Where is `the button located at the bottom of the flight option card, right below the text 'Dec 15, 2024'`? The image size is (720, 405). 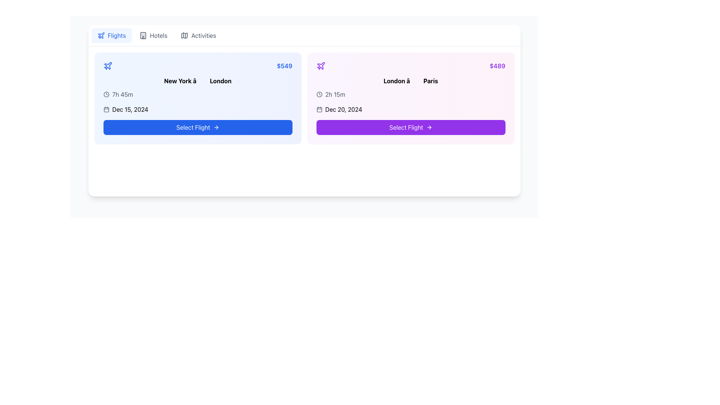 the button located at the bottom of the flight option card, right below the text 'Dec 15, 2024' is located at coordinates (198, 127).